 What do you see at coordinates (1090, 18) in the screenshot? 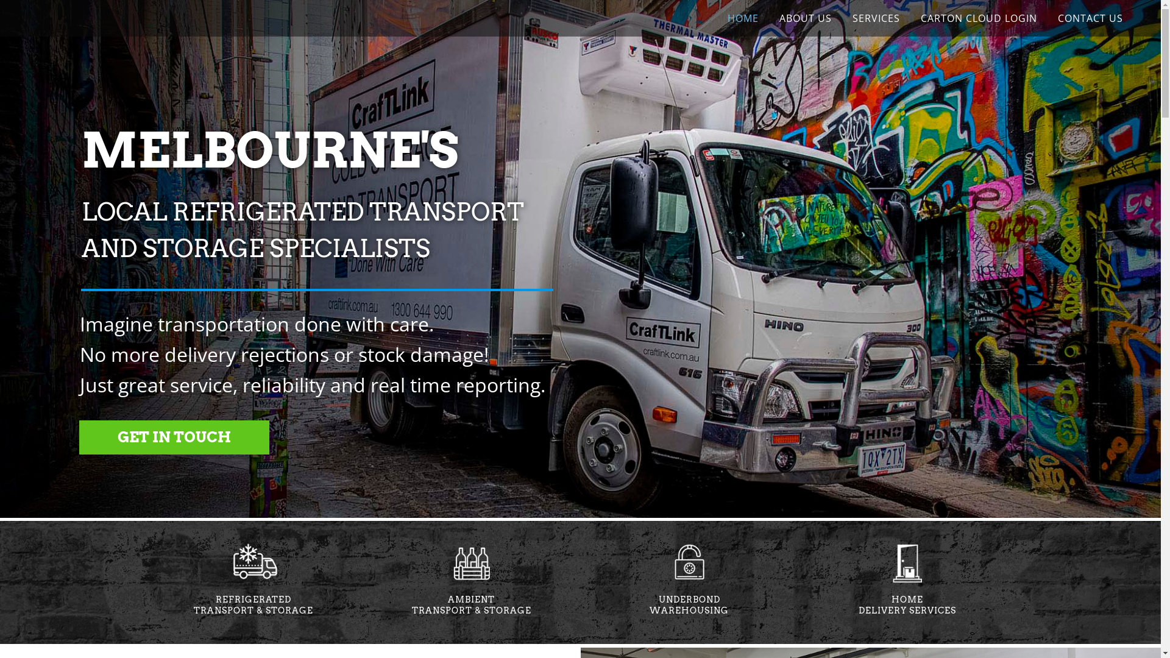
I see `'CONTACT US'` at bounding box center [1090, 18].